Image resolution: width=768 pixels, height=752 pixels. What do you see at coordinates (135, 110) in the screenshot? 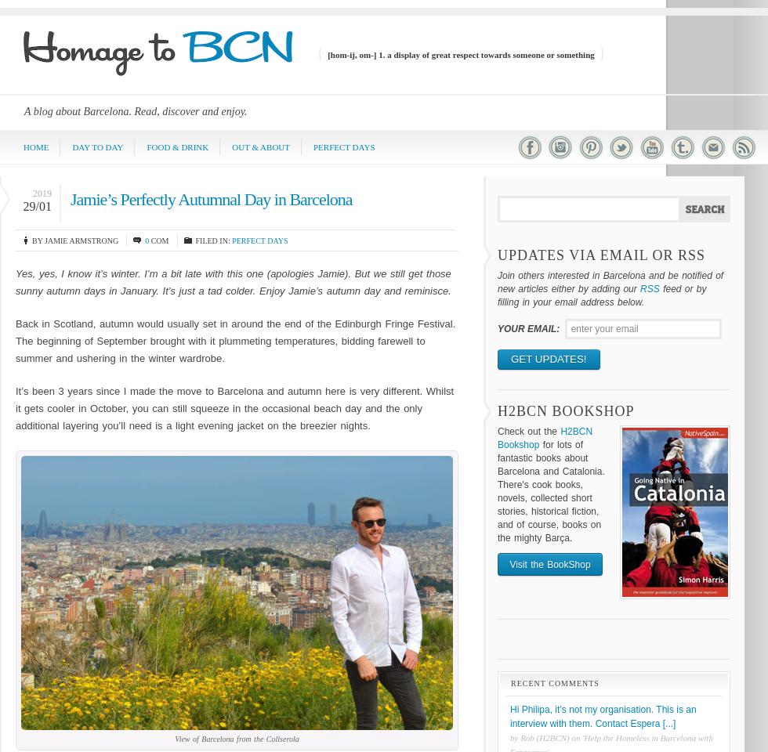
I see `'A blog about Barcelona. Read, discover and enjoy.'` at bounding box center [135, 110].